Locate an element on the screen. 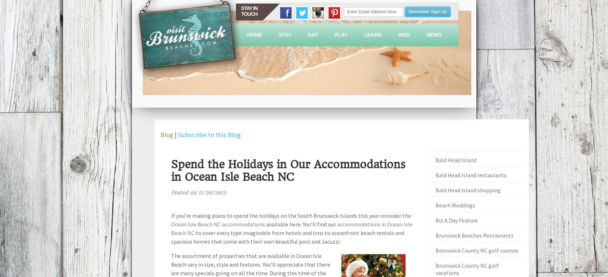 The image size is (608, 277). 'to cover every type imaginable from hotels and Inns to oceanfront beach rentals and spacious homes that come with their own beautiful pool and Jacuzzi.' is located at coordinates (287, 236).